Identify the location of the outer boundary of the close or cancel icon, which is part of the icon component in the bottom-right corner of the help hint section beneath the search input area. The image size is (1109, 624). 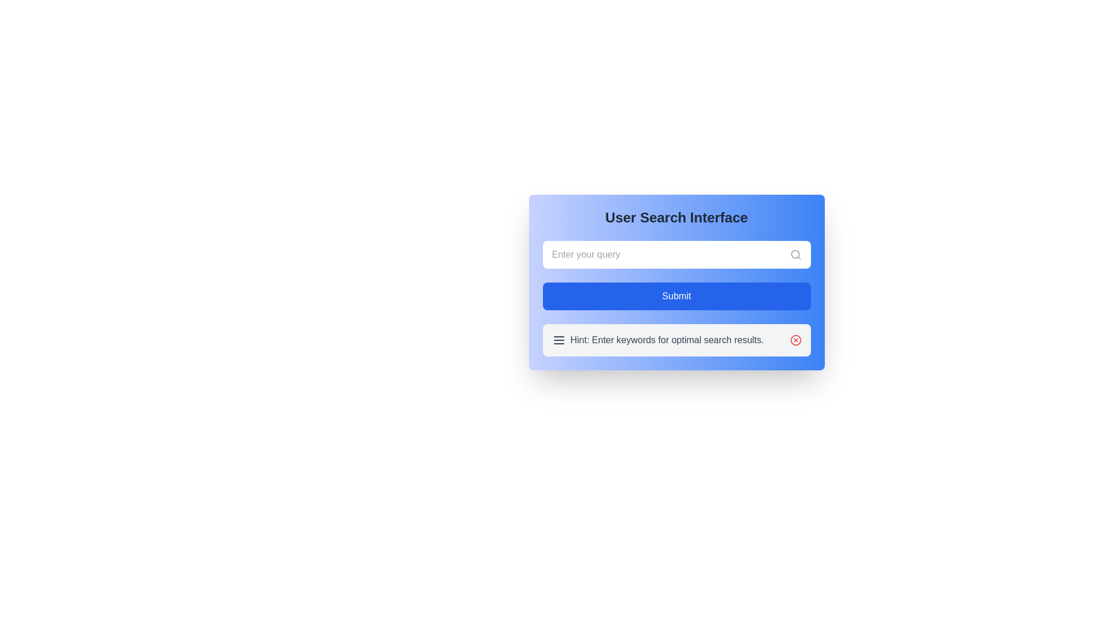
(795, 340).